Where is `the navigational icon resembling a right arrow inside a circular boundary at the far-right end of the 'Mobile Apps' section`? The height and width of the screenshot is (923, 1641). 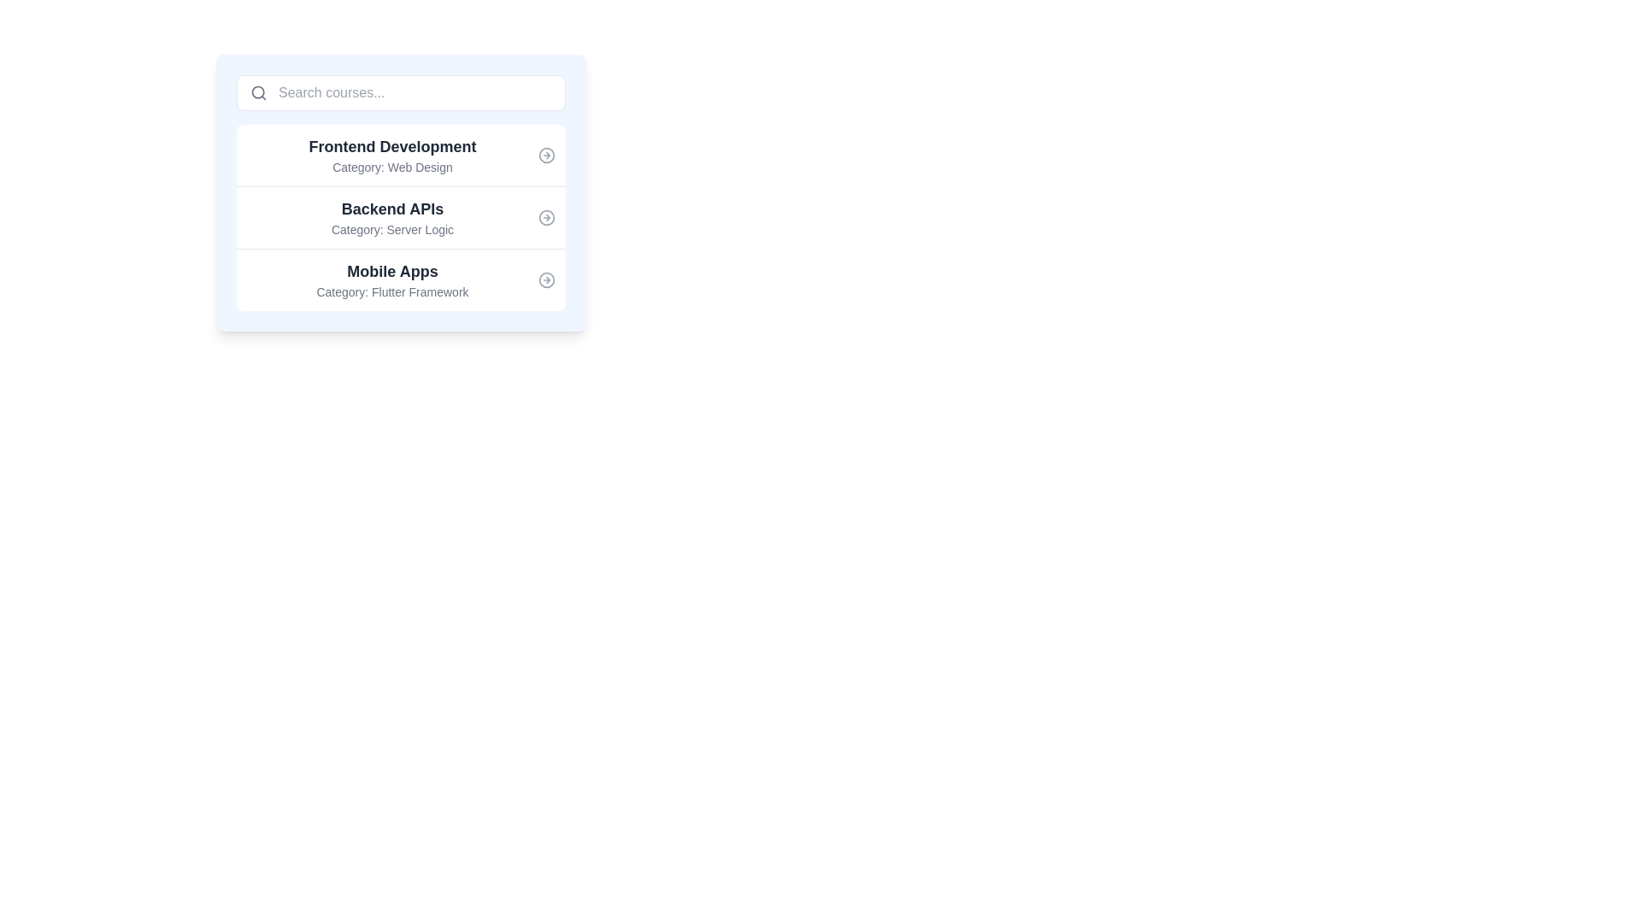
the navigational icon resembling a right arrow inside a circular boundary at the far-right end of the 'Mobile Apps' section is located at coordinates (545, 279).